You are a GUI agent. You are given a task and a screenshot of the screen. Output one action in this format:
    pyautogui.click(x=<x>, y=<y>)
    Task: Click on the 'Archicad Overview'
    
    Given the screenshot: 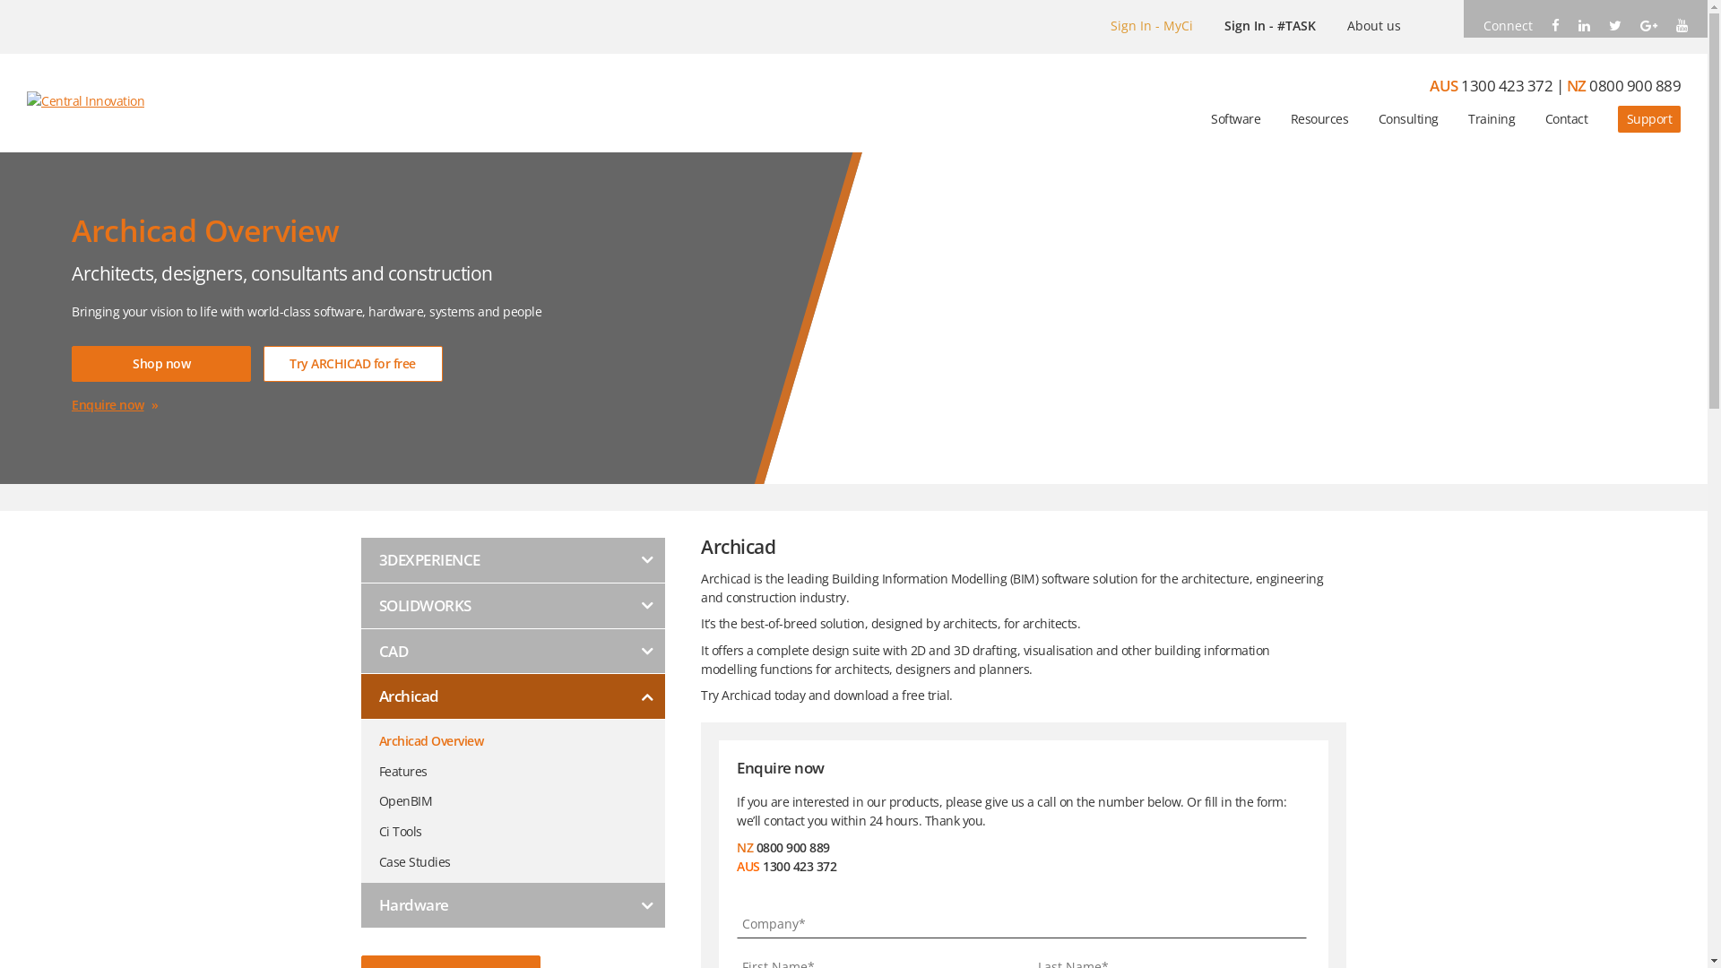 What is the action you would take?
    pyautogui.click(x=520, y=735)
    